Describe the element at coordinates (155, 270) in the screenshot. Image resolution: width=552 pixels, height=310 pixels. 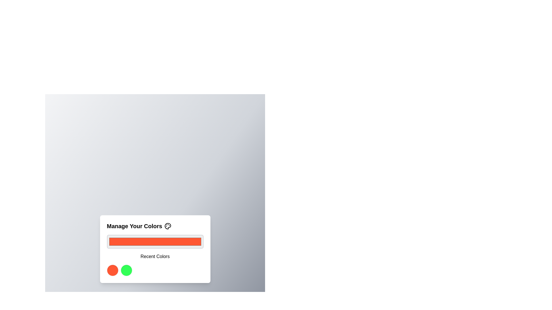
I see `the color circle in the color selection palette located in the 'Manage Your Colors' card` at that location.